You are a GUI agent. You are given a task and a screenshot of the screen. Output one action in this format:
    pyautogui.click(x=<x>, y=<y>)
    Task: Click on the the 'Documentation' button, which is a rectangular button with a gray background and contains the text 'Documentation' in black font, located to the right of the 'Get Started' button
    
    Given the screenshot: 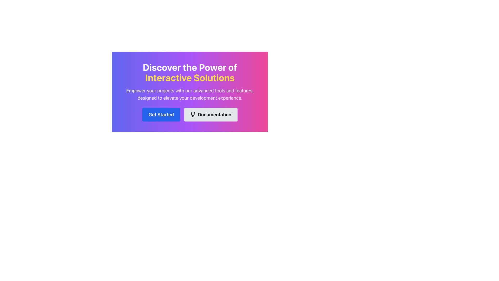 What is the action you would take?
    pyautogui.click(x=211, y=114)
    